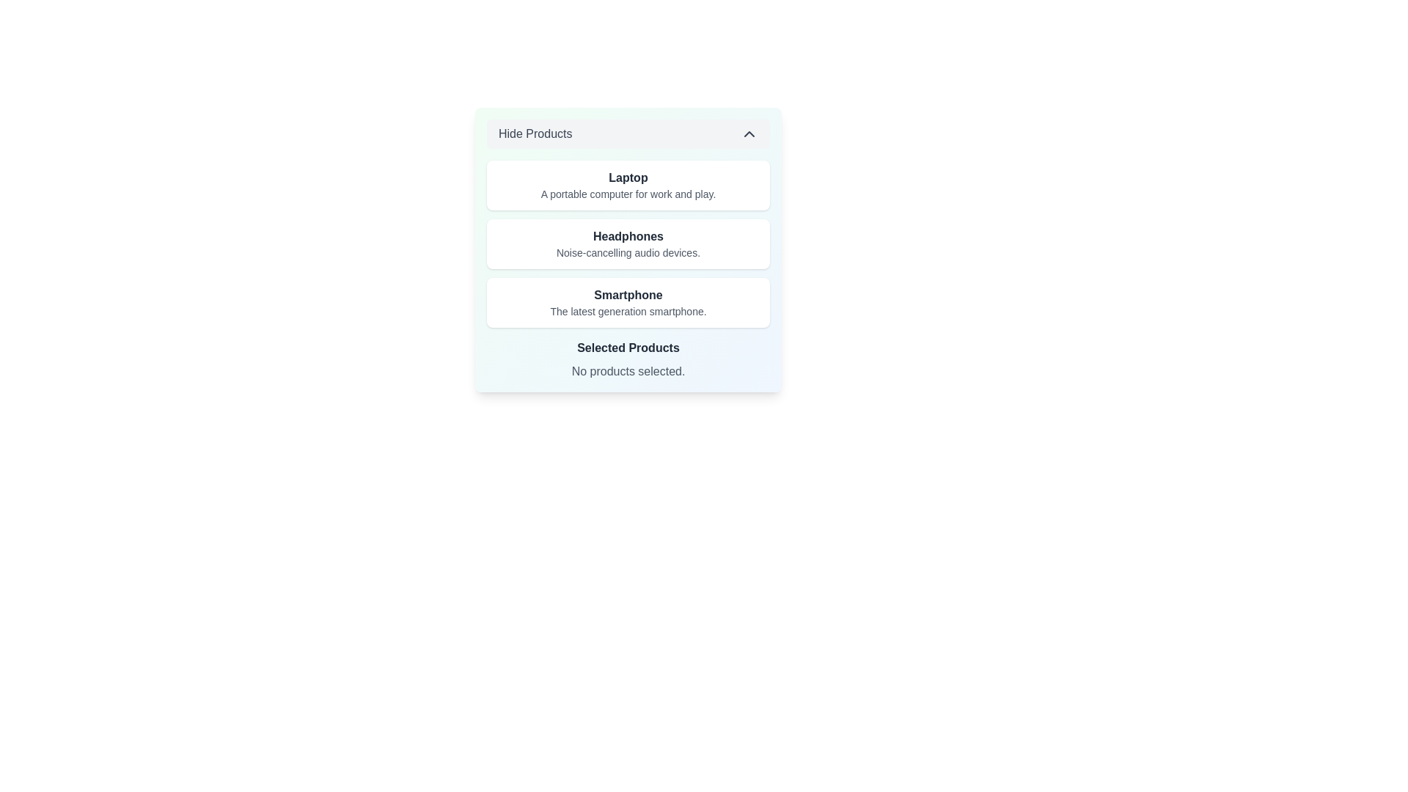 This screenshot has height=792, width=1408. I want to click on text label indicating the 'Headphones' section, which serves as the title for the category, located above the description 'Noise-cancelling audio devices.', so click(628, 236).